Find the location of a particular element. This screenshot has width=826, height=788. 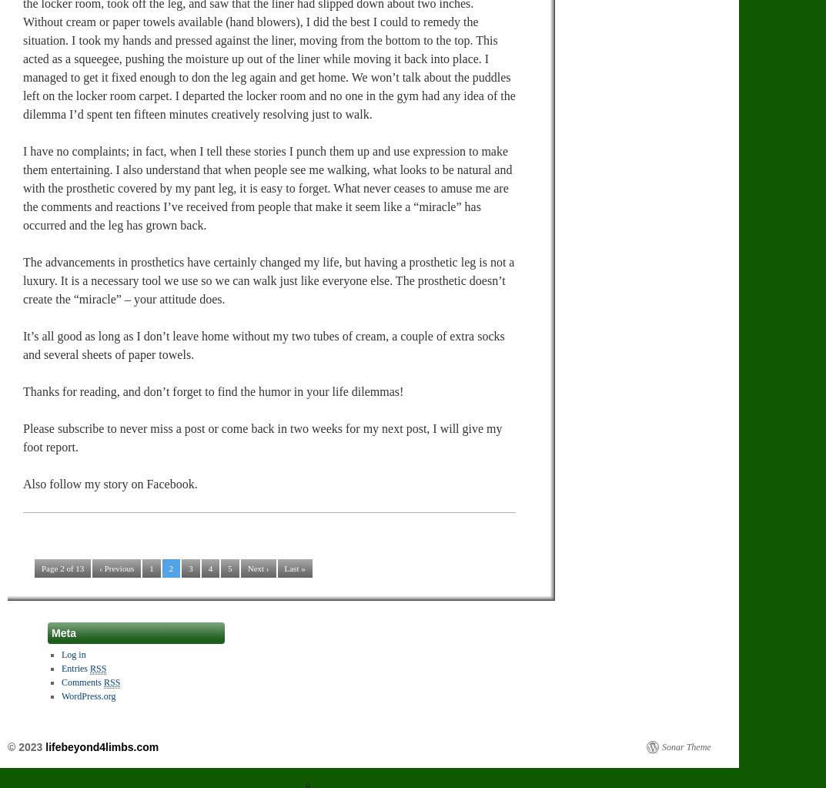

'It’s all good as long as I don’t leave home without my two tubes of cream, a couple of extra socks and several sheets of paper towels.' is located at coordinates (22, 344).